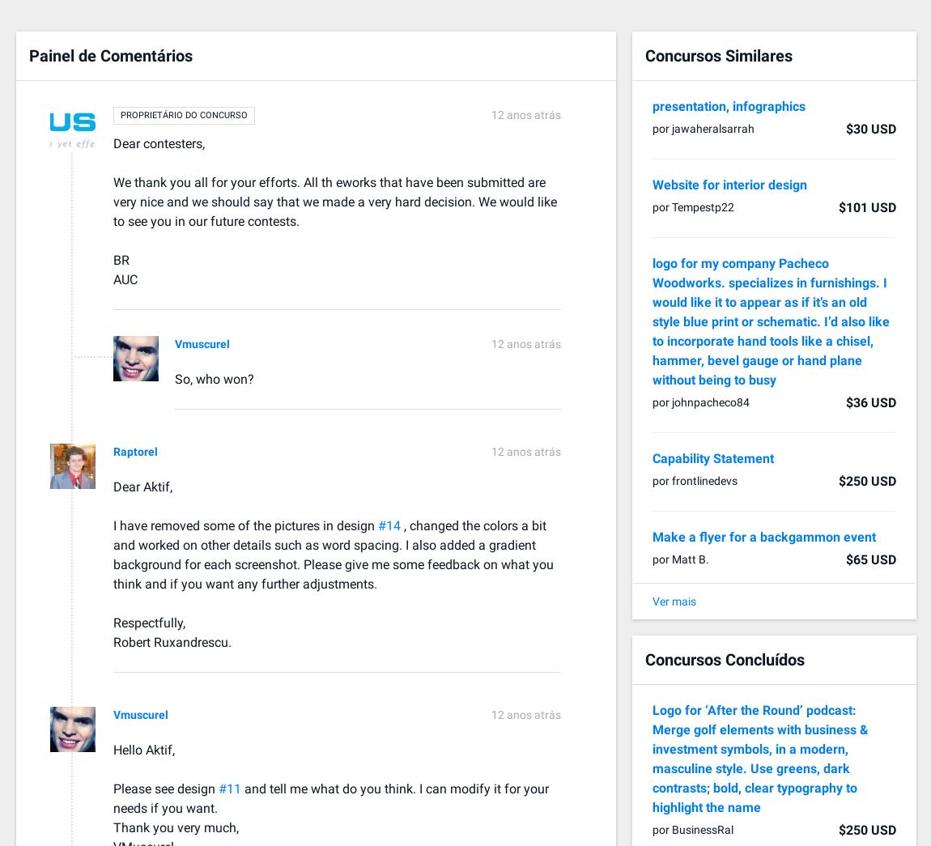 This screenshot has width=931, height=846. I want to click on 'BR', so click(112, 259).